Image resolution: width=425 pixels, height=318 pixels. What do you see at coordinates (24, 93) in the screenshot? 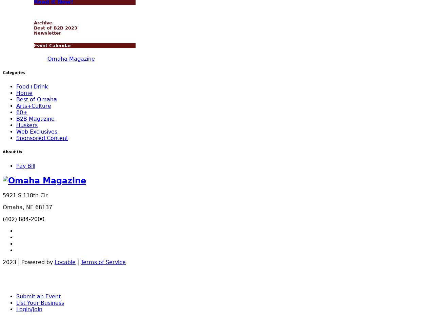
I see `'Home'` at bounding box center [24, 93].